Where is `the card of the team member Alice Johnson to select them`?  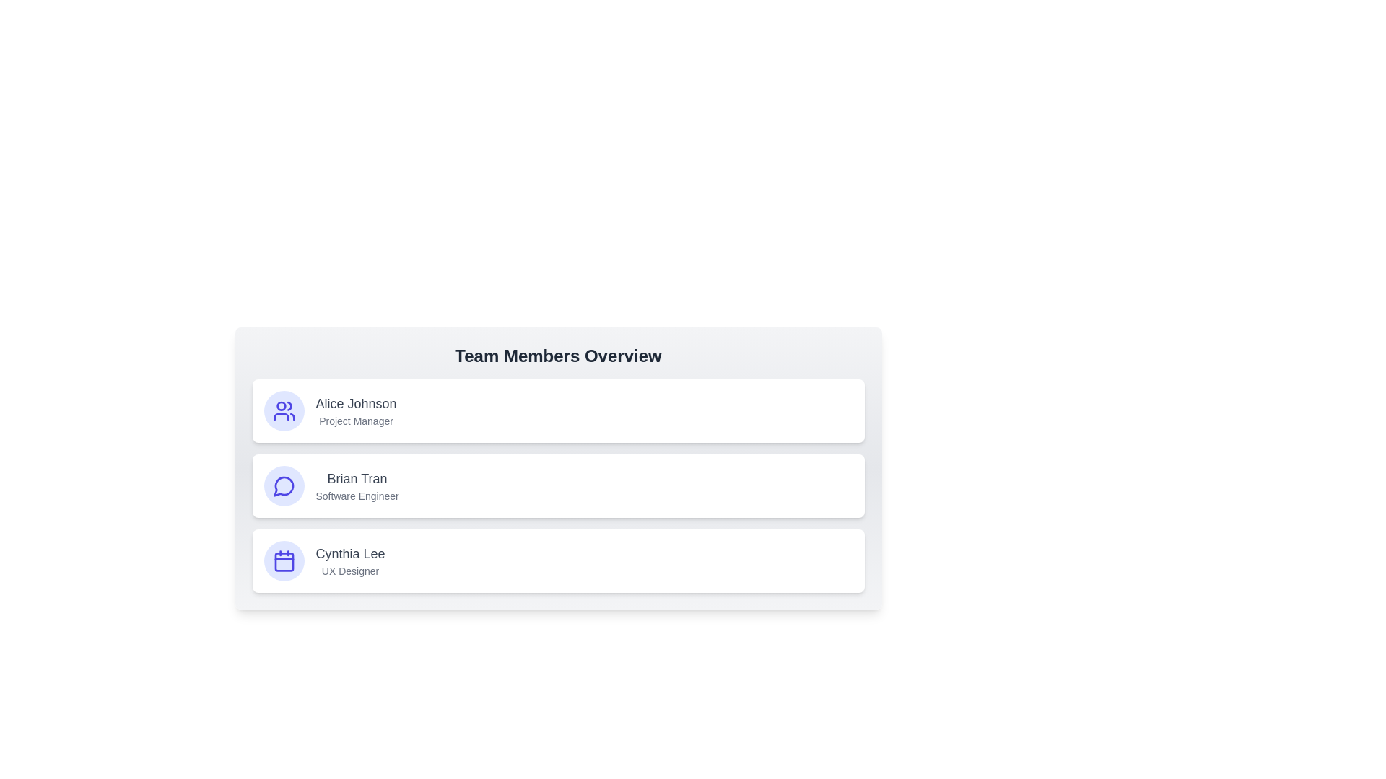
the card of the team member Alice Johnson to select them is located at coordinates (557, 411).